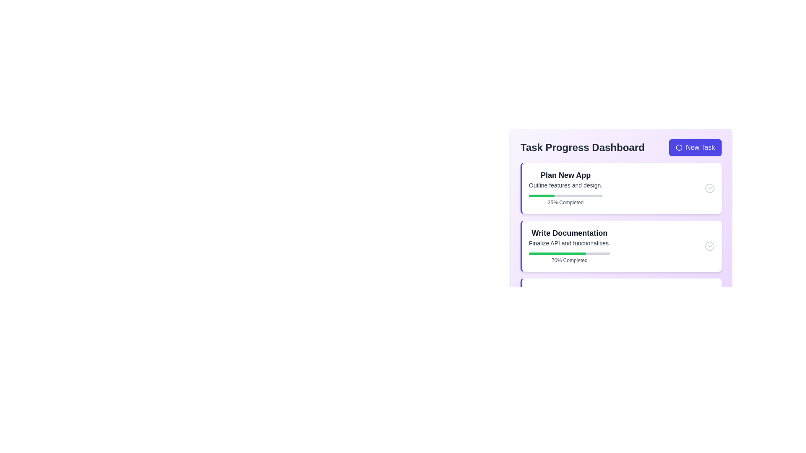 Image resolution: width=806 pixels, height=453 pixels. What do you see at coordinates (569, 253) in the screenshot?
I see `the horizontal progress bar with a gray background and green foreground, located below the '70% Completed' text in the 'Write Documentation' card` at bounding box center [569, 253].